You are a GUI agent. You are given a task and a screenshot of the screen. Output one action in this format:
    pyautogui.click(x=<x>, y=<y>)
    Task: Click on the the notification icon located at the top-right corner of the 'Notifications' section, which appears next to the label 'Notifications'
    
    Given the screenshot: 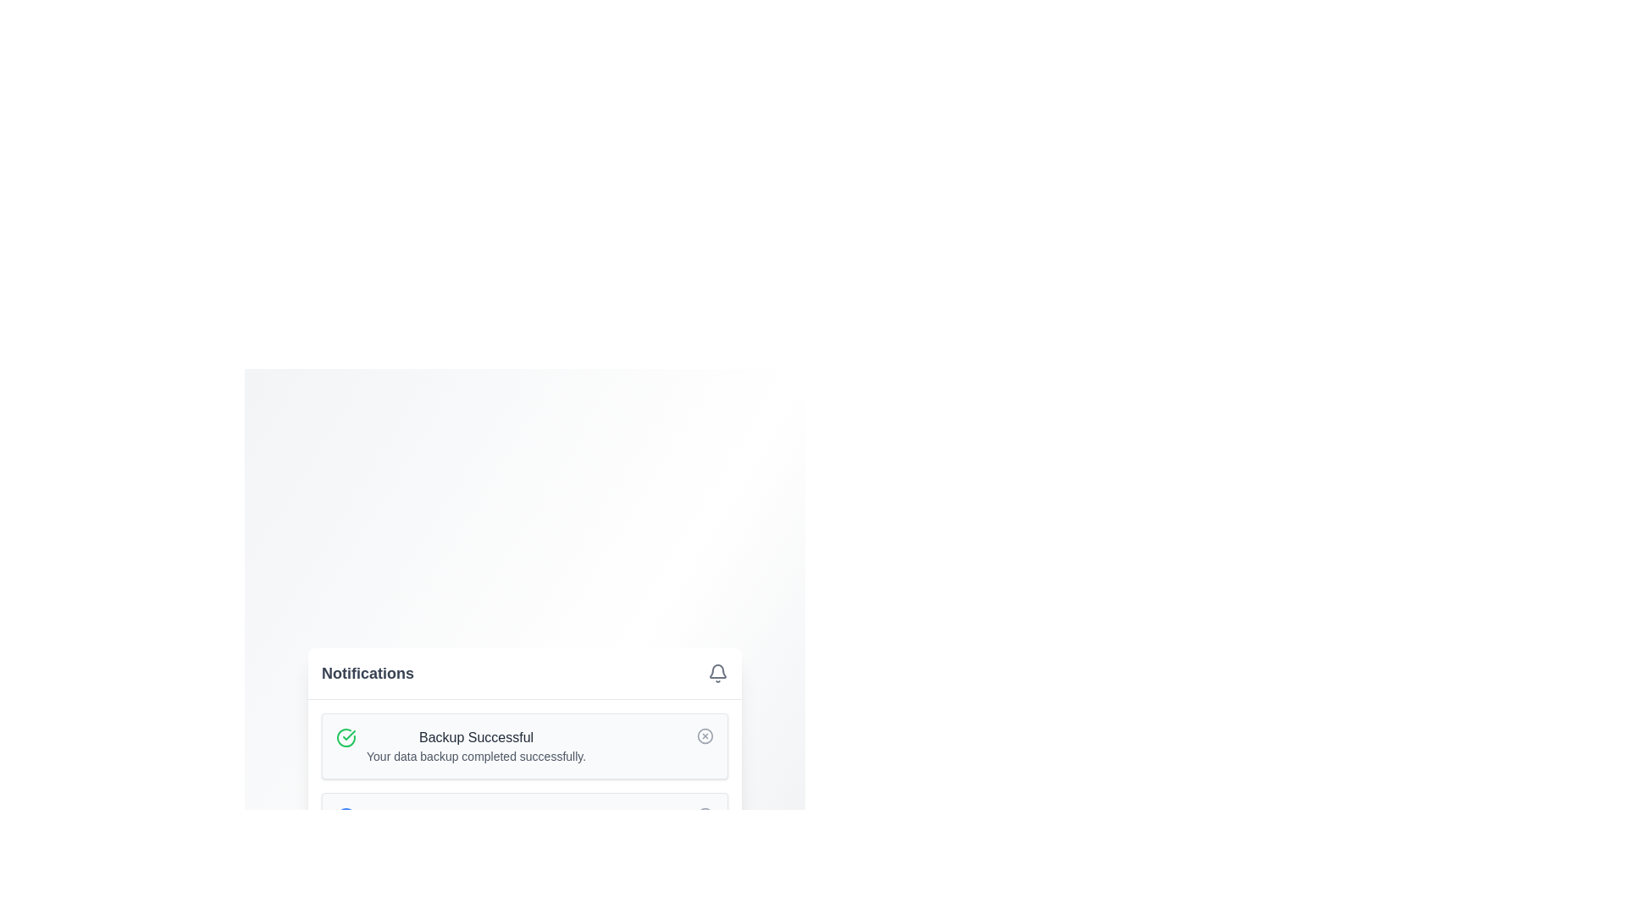 What is the action you would take?
    pyautogui.click(x=718, y=672)
    